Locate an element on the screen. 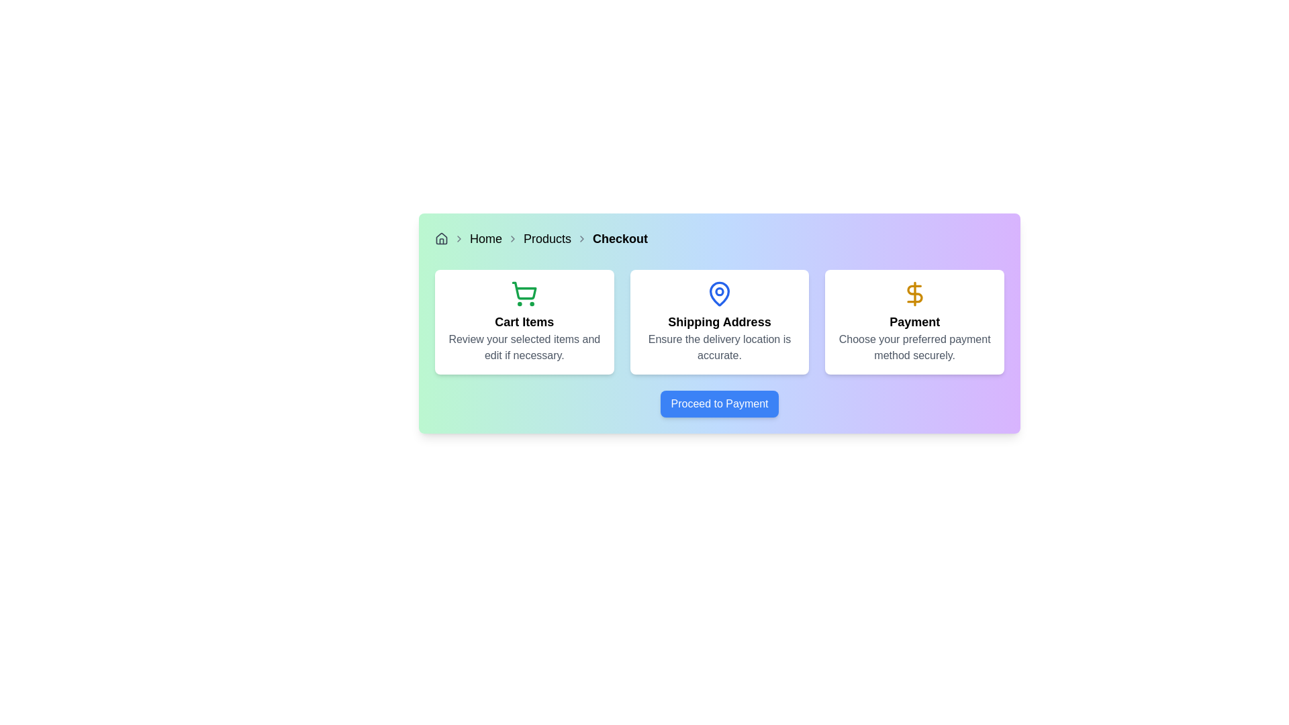  the first right-pointing chevron icon in the breadcrumb navigation bar, located between the house icon and the text 'Home' is located at coordinates (459, 238).